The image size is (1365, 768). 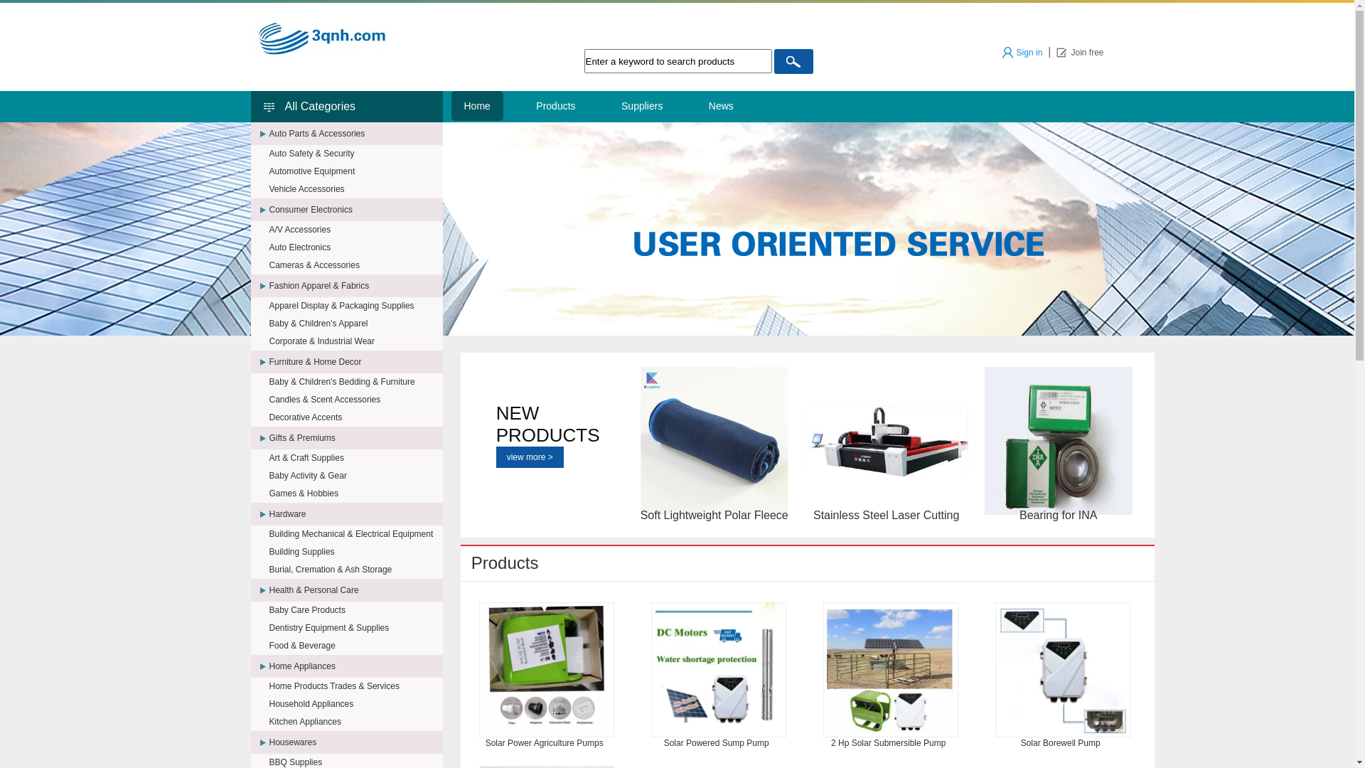 What do you see at coordinates (889, 669) in the screenshot?
I see `'2 Hp Solar Submersible Pump'` at bounding box center [889, 669].